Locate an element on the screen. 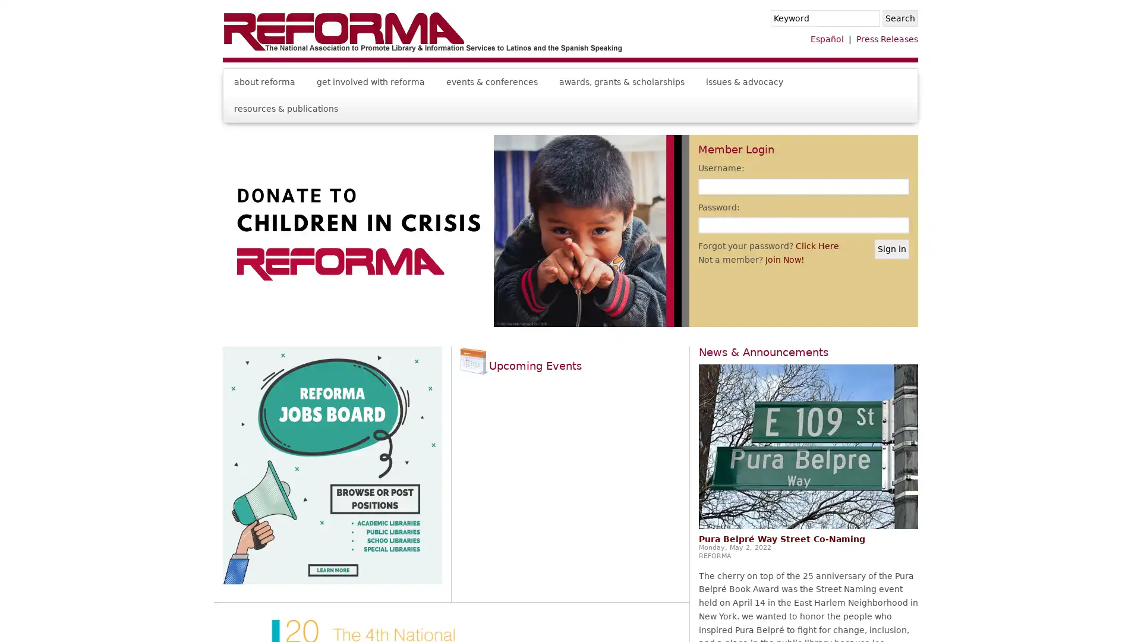 This screenshot has width=1141, height=642. Search is located at coordinates (900, 18).